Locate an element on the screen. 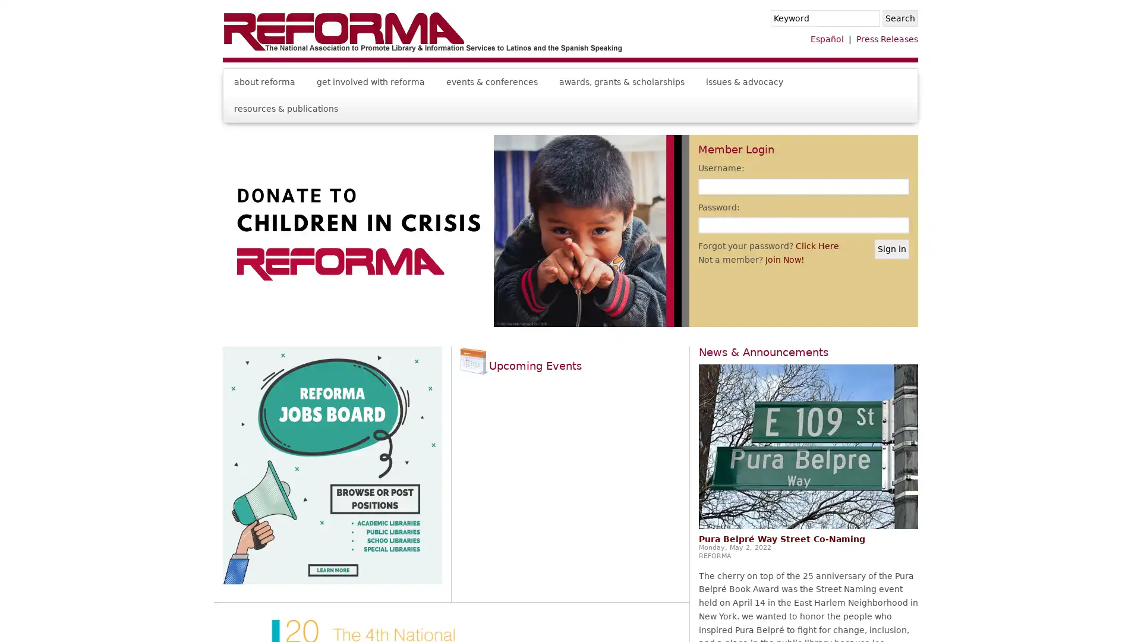 This screenshot has width=1141, height=642. Search is located at coordinates (900, 18).